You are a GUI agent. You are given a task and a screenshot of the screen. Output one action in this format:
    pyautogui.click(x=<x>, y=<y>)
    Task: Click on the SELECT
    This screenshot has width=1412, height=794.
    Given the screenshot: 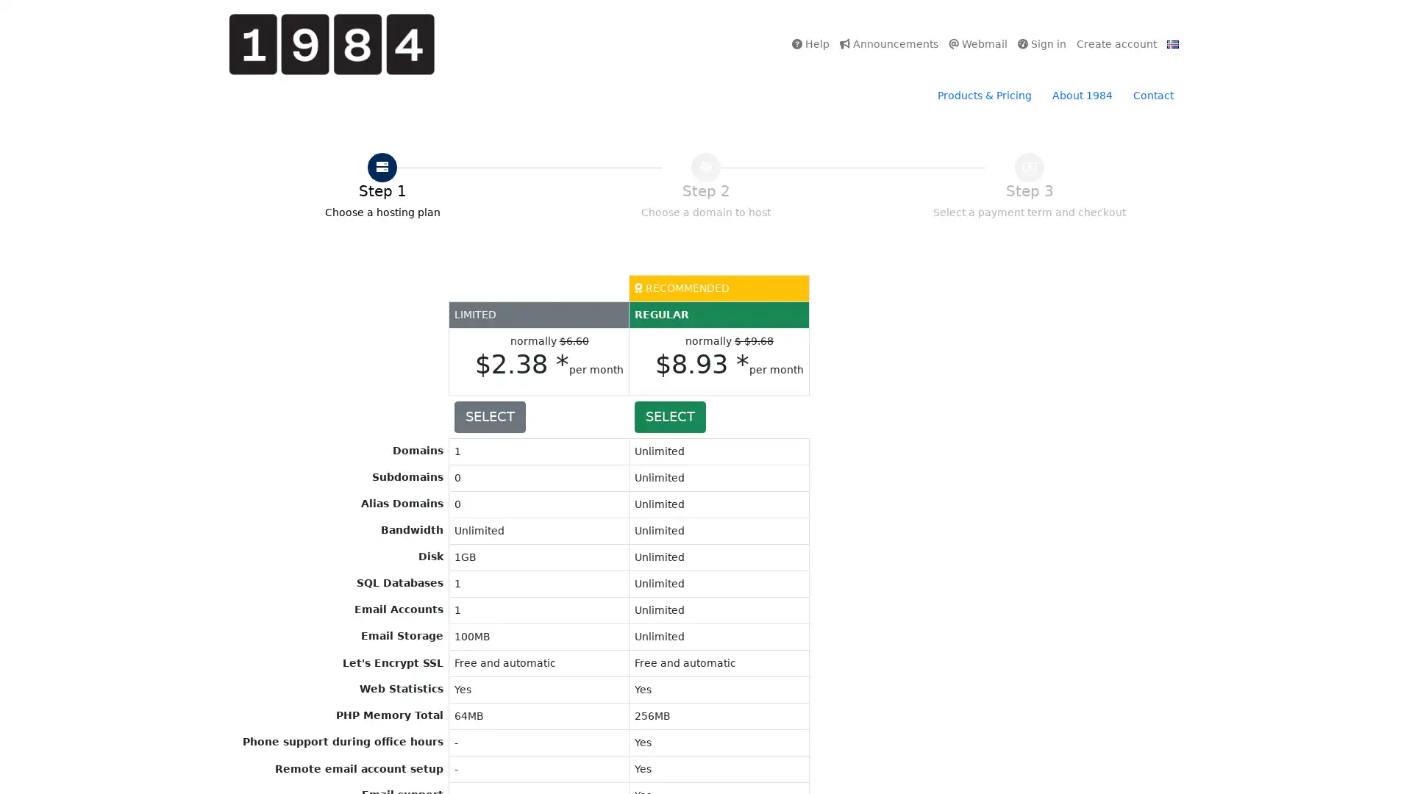 What is the action you would take?
    pyautogui.click(x=668, y=417)
    